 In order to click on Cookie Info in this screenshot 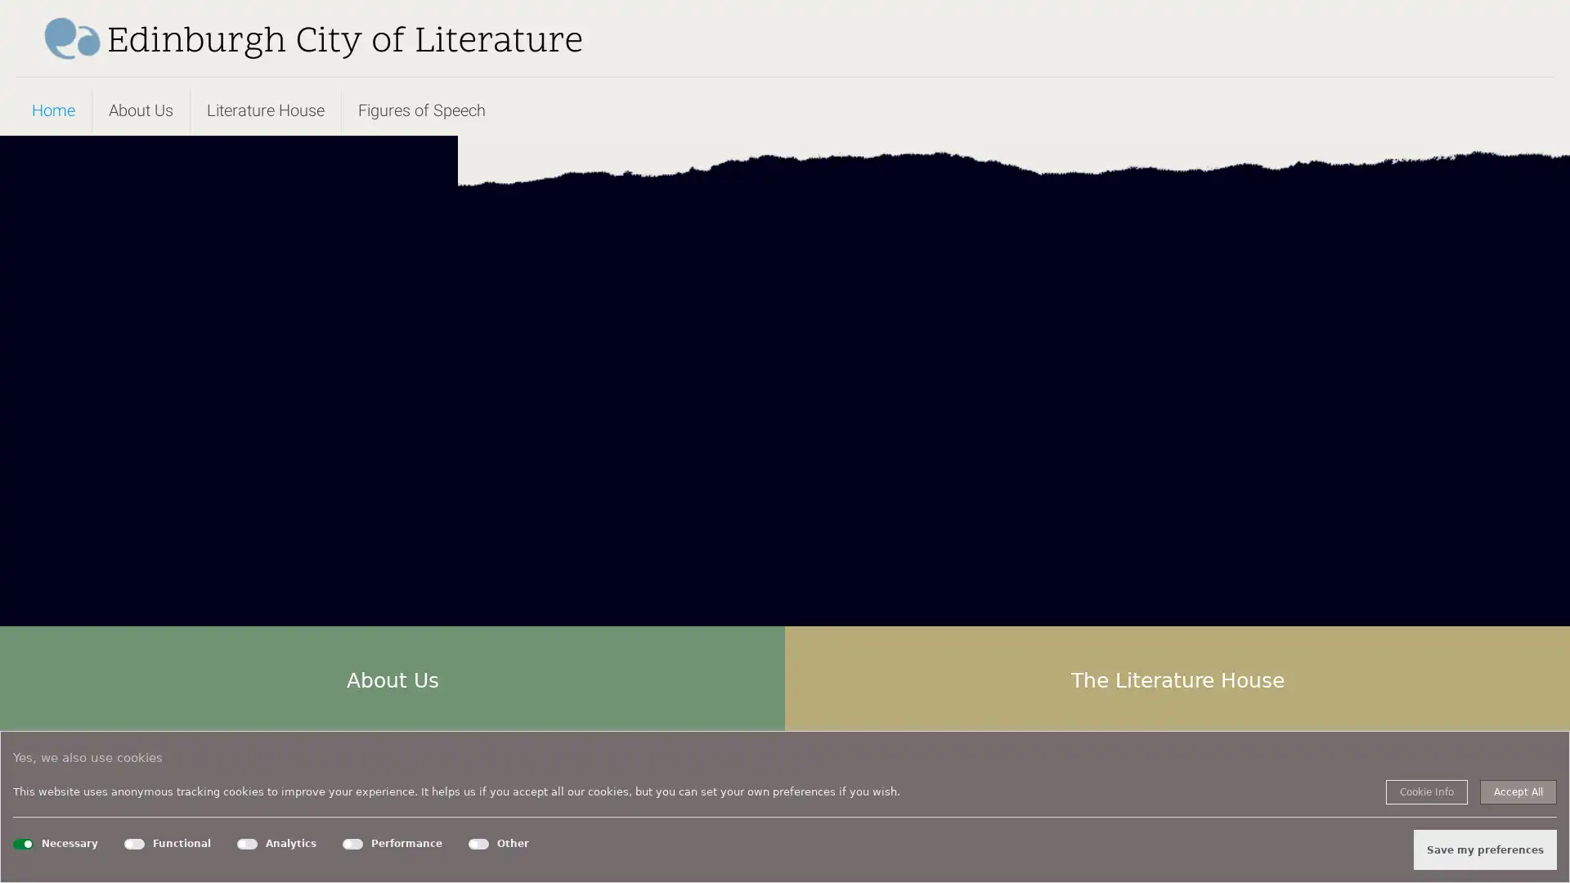, I will do `click(1426, 791)`.